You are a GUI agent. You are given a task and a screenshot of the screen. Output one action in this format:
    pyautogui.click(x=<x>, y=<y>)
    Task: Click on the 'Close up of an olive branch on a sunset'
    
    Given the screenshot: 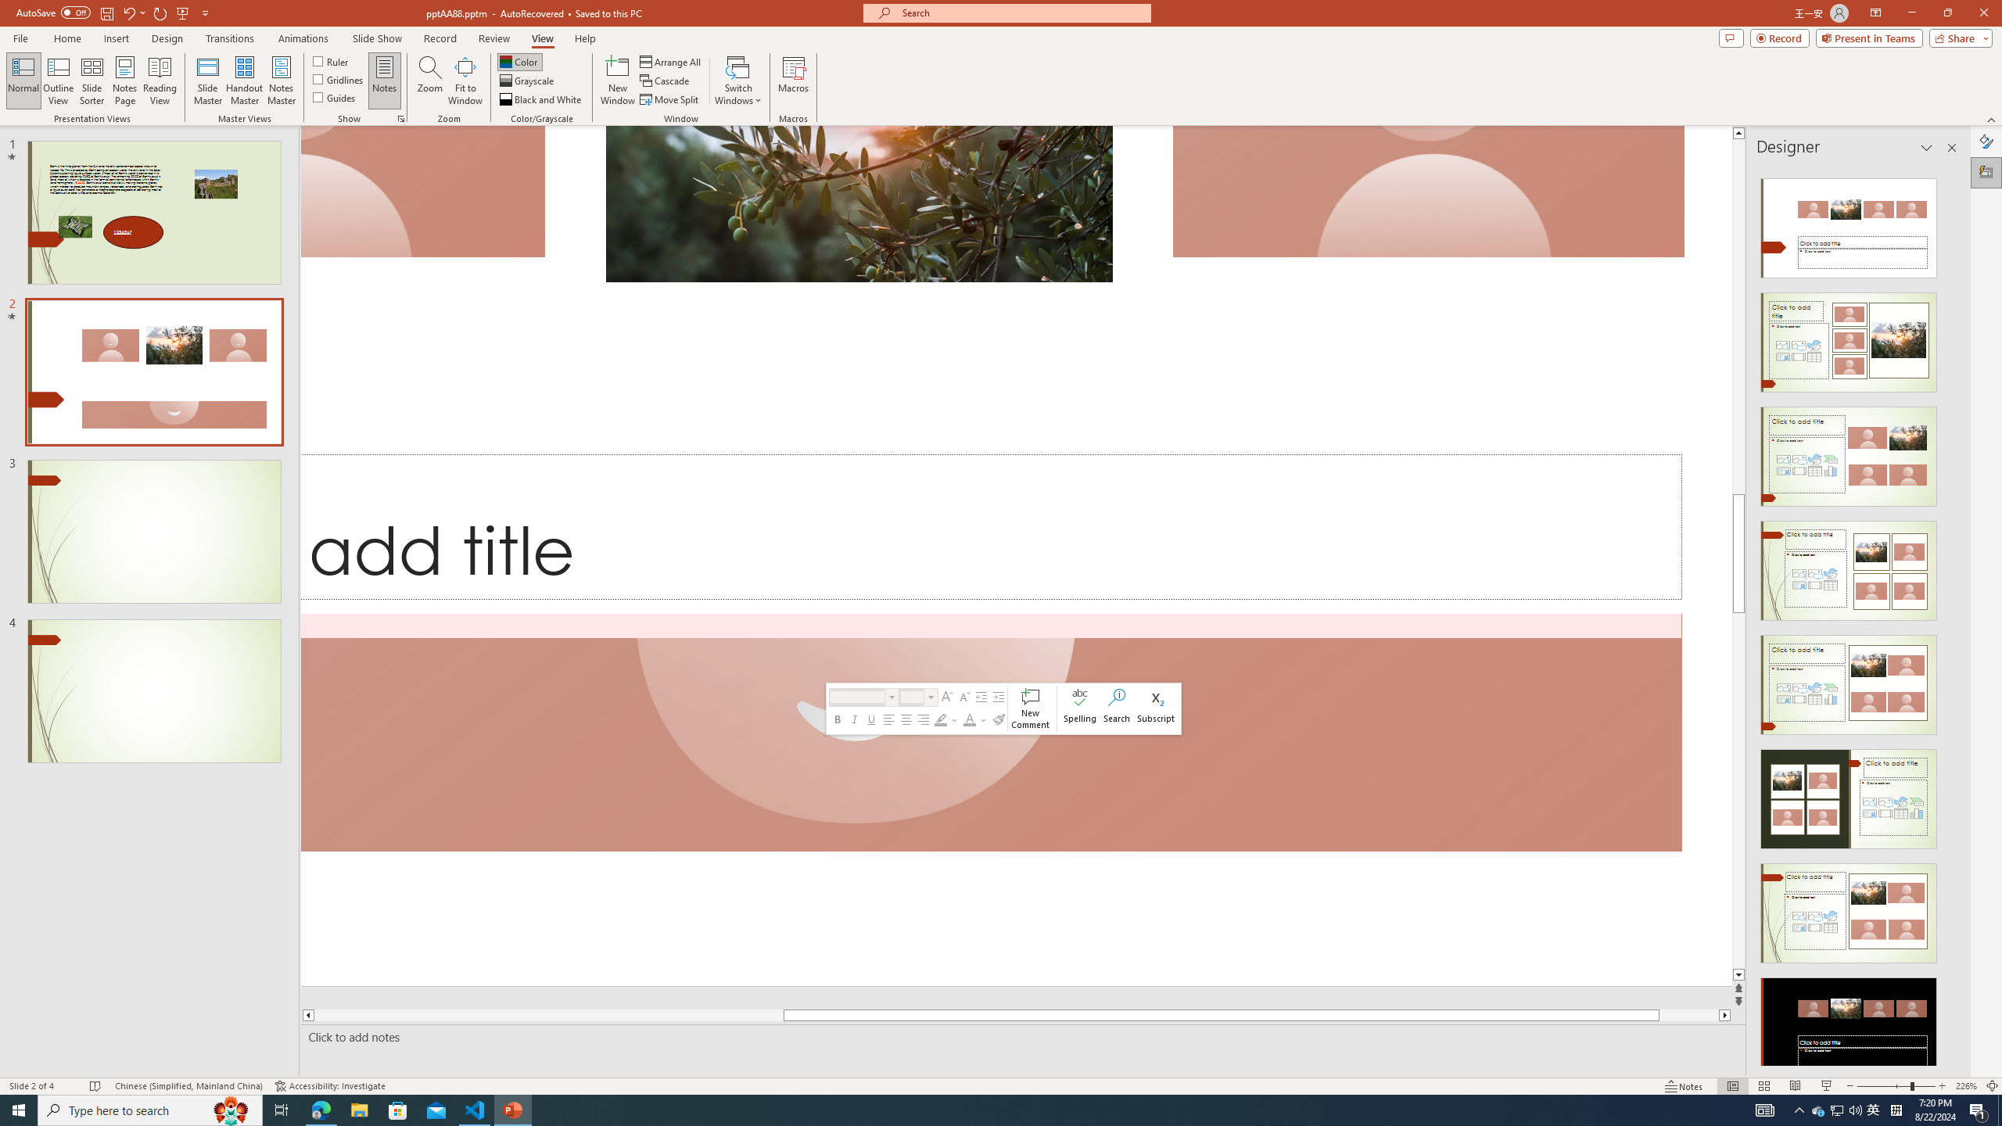 What is the action you would take?
    pyautogui.click(x=859, y=203)
    